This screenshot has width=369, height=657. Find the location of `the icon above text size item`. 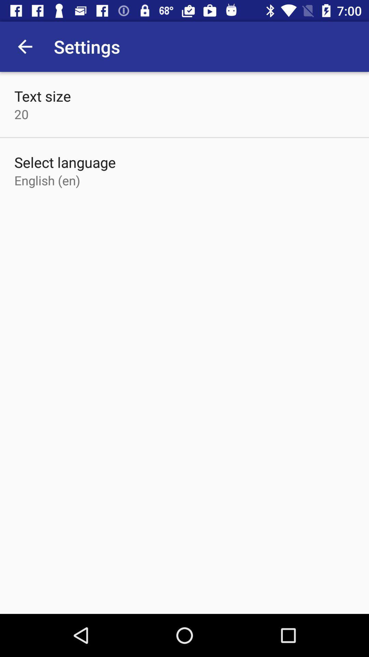

the icon above text size item is located at coordinates (25, 46).